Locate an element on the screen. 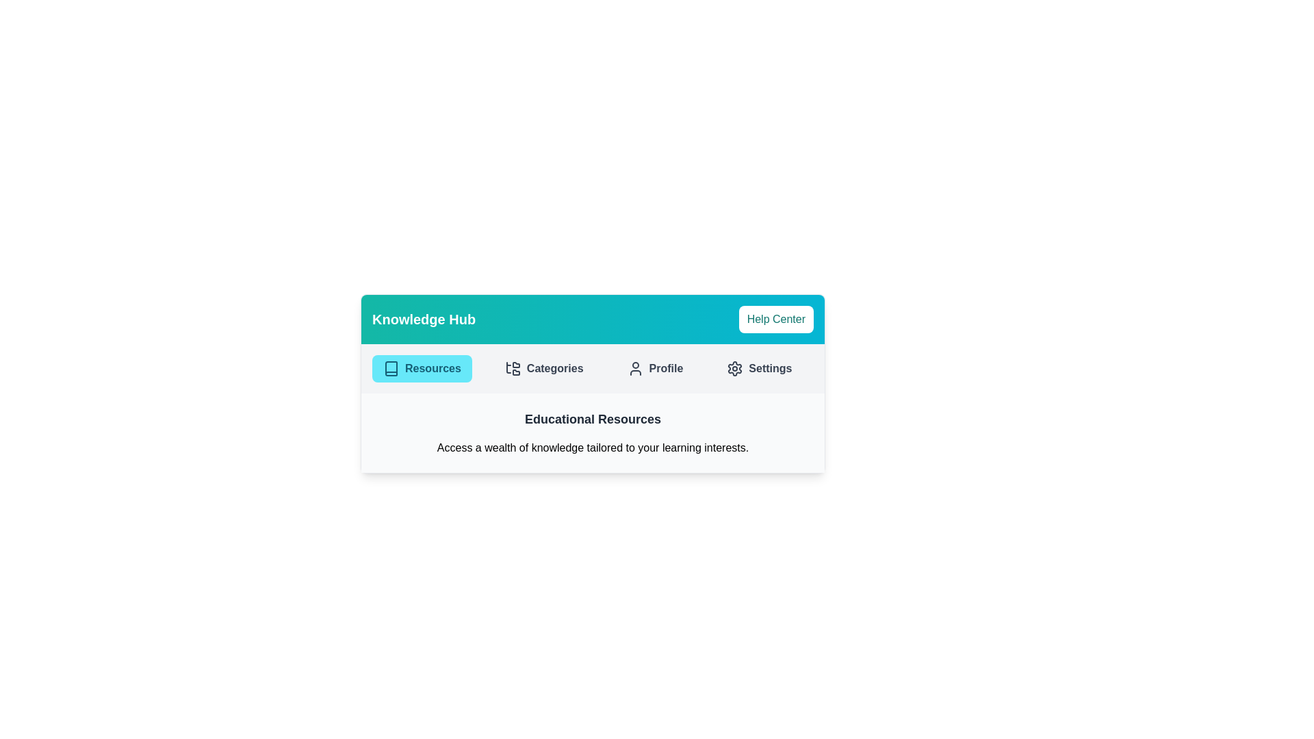 Image resolution: width=1314 pixels, height=739 pixels. the 'Categories' text label is located at coordinates (555, 368).